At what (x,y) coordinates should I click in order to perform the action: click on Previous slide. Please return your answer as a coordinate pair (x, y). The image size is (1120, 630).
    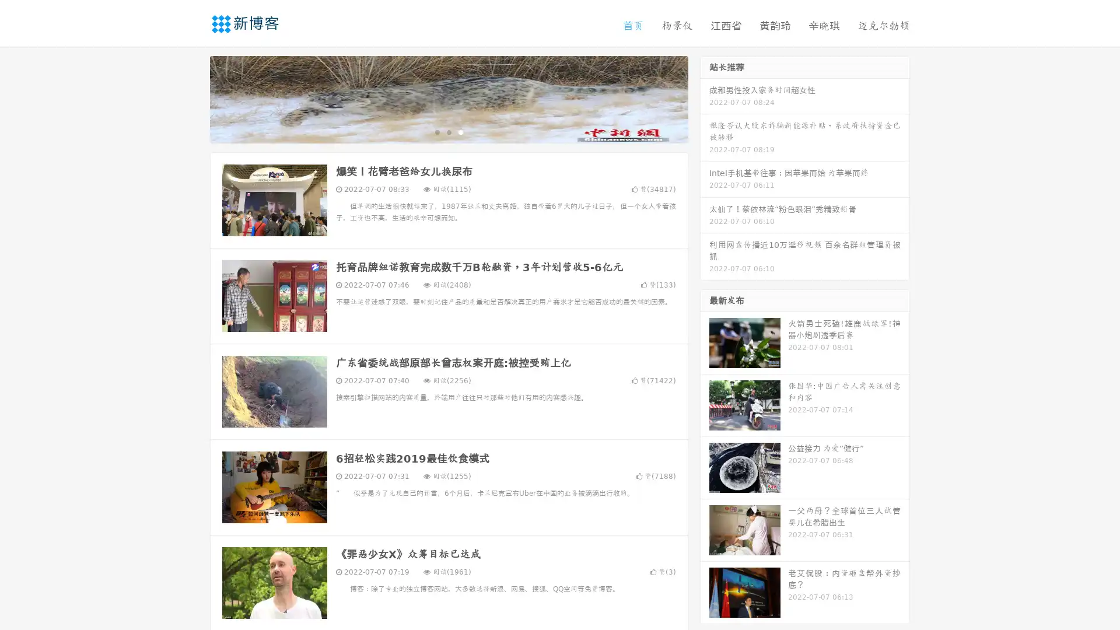
    Looking at the image, I should click on (192, 98).